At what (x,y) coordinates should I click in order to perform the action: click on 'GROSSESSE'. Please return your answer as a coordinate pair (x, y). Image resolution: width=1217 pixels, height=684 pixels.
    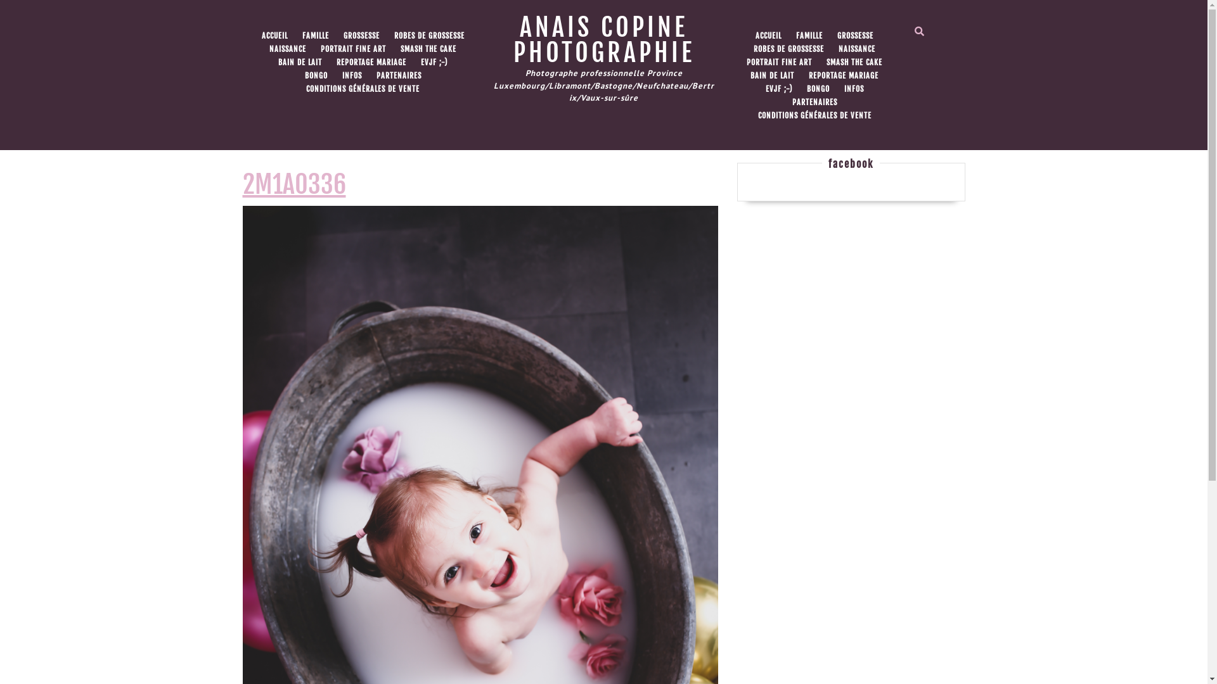
    Looking at the image, I should click on (361, 35).